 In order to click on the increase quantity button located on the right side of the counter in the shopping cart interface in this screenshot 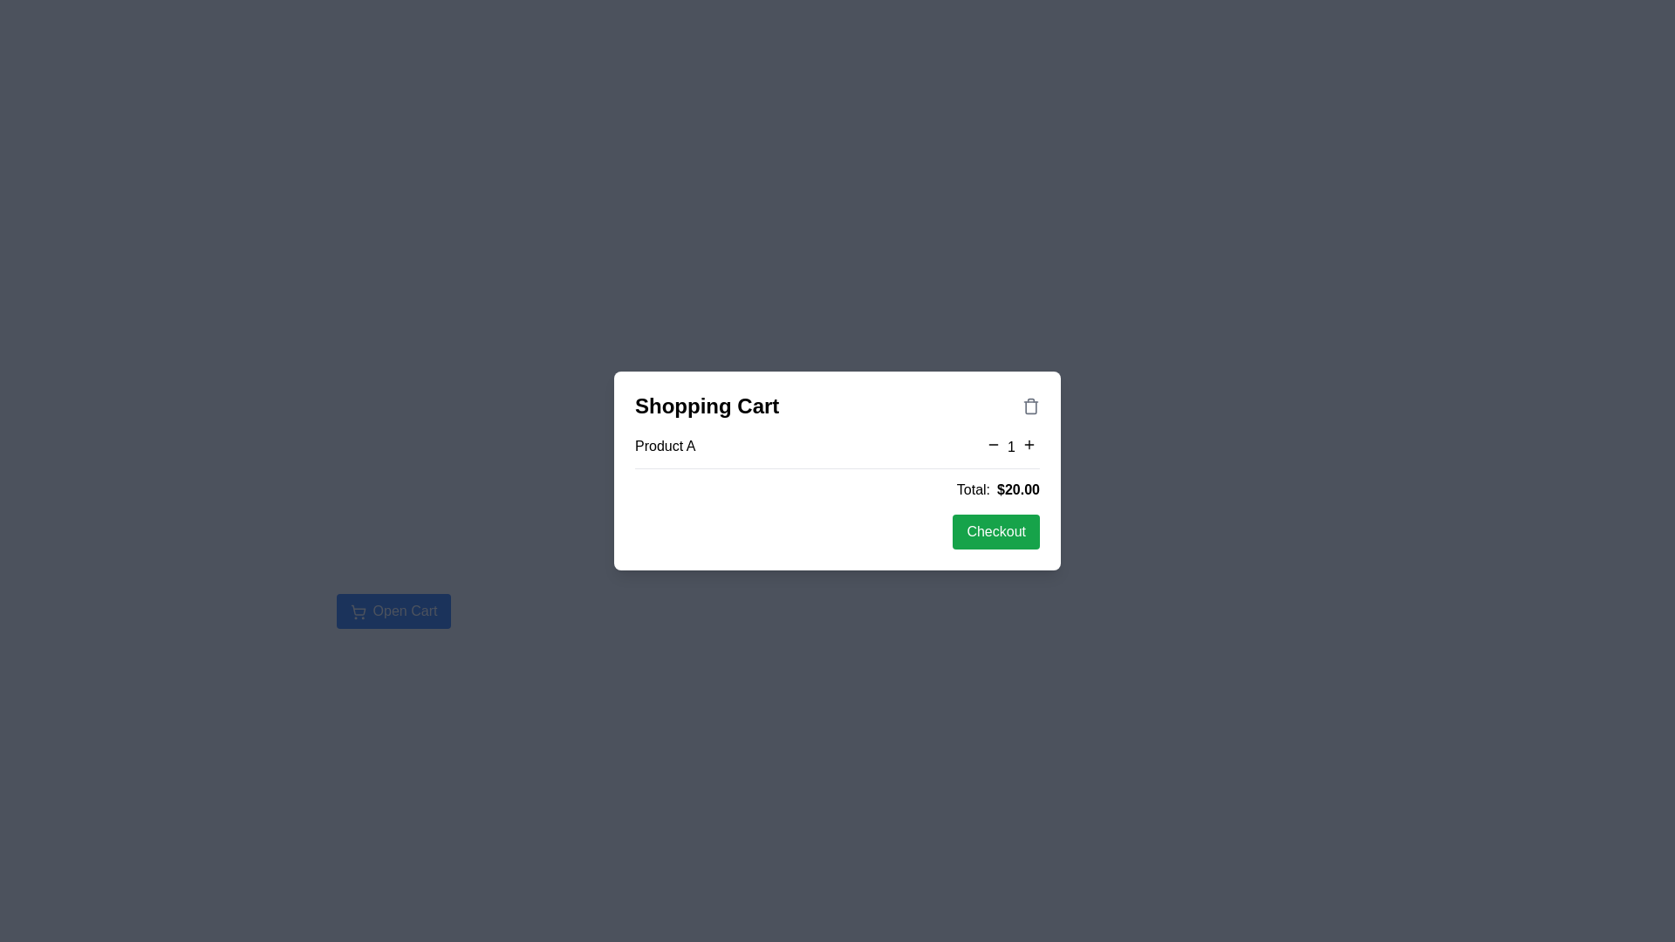, I will do `click(1029, 443)`.